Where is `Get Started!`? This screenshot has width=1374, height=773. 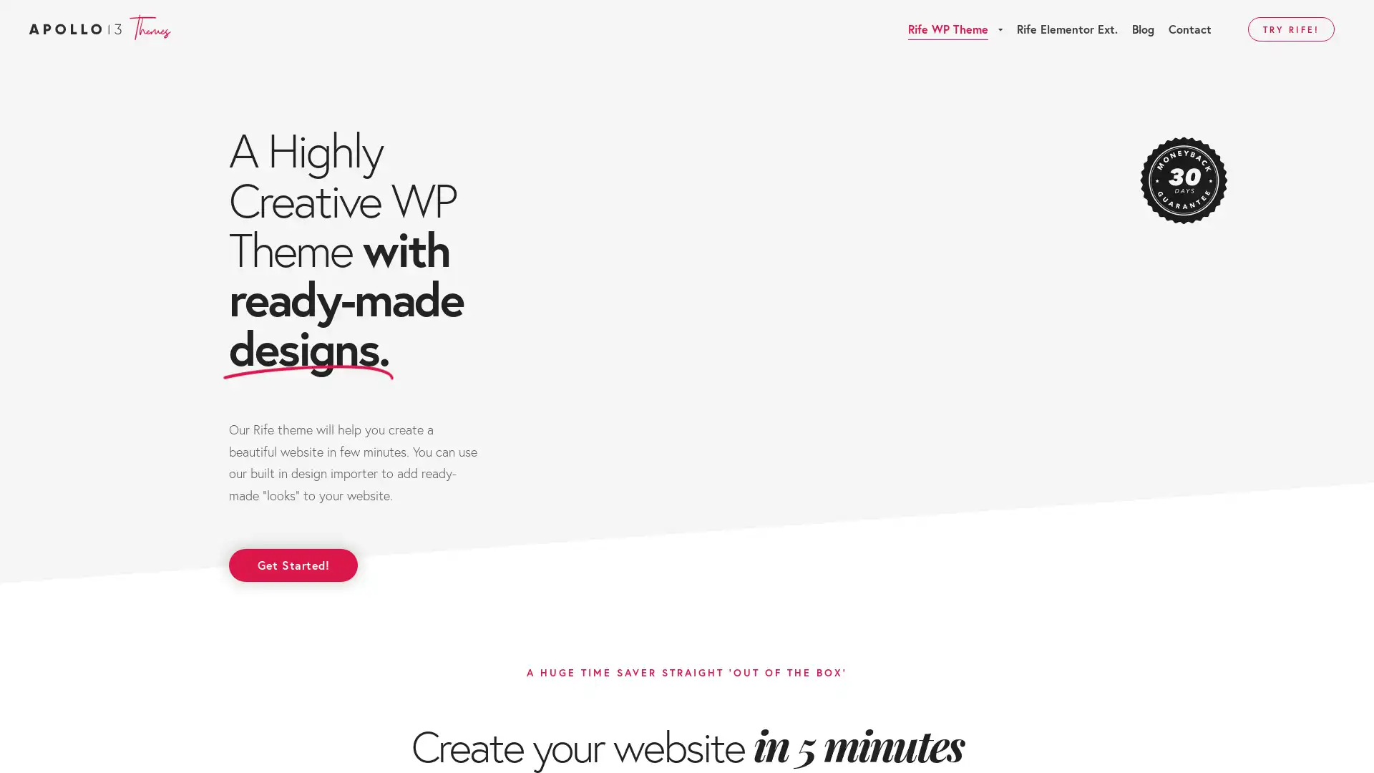 Get Started! is located at coordinates (292, 565).